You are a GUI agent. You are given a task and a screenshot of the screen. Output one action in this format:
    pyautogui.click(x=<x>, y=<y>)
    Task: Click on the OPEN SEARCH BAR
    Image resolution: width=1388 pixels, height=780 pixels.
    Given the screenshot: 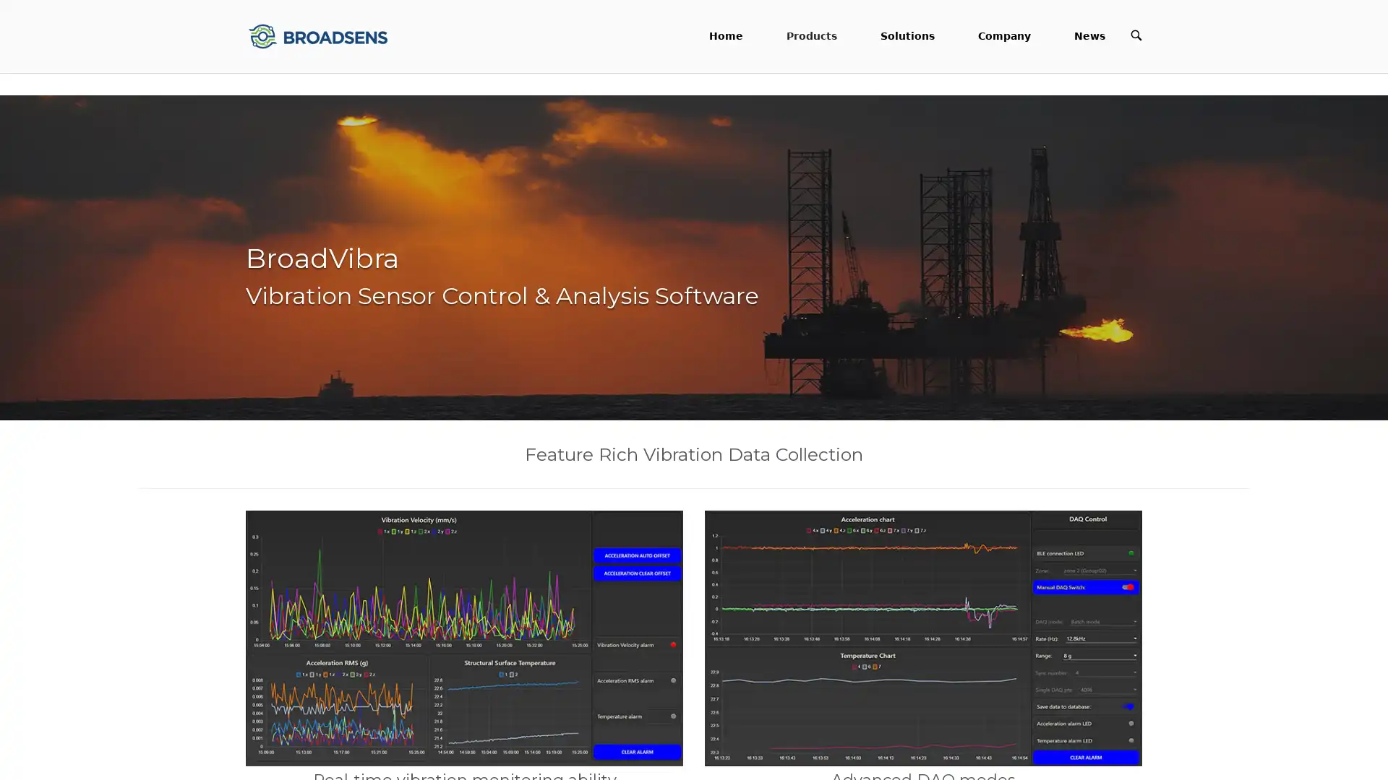 What is the action you would take?
    pyautogui.click(x=1135, y=35)
    